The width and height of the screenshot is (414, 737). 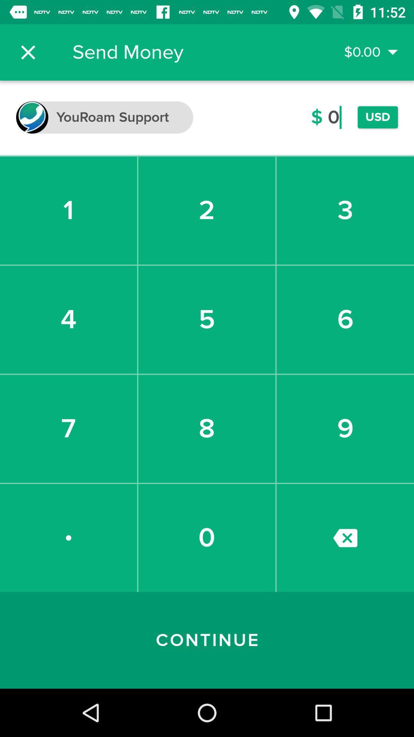 I want to click on the 1 icon, so click(x=68, y=210).